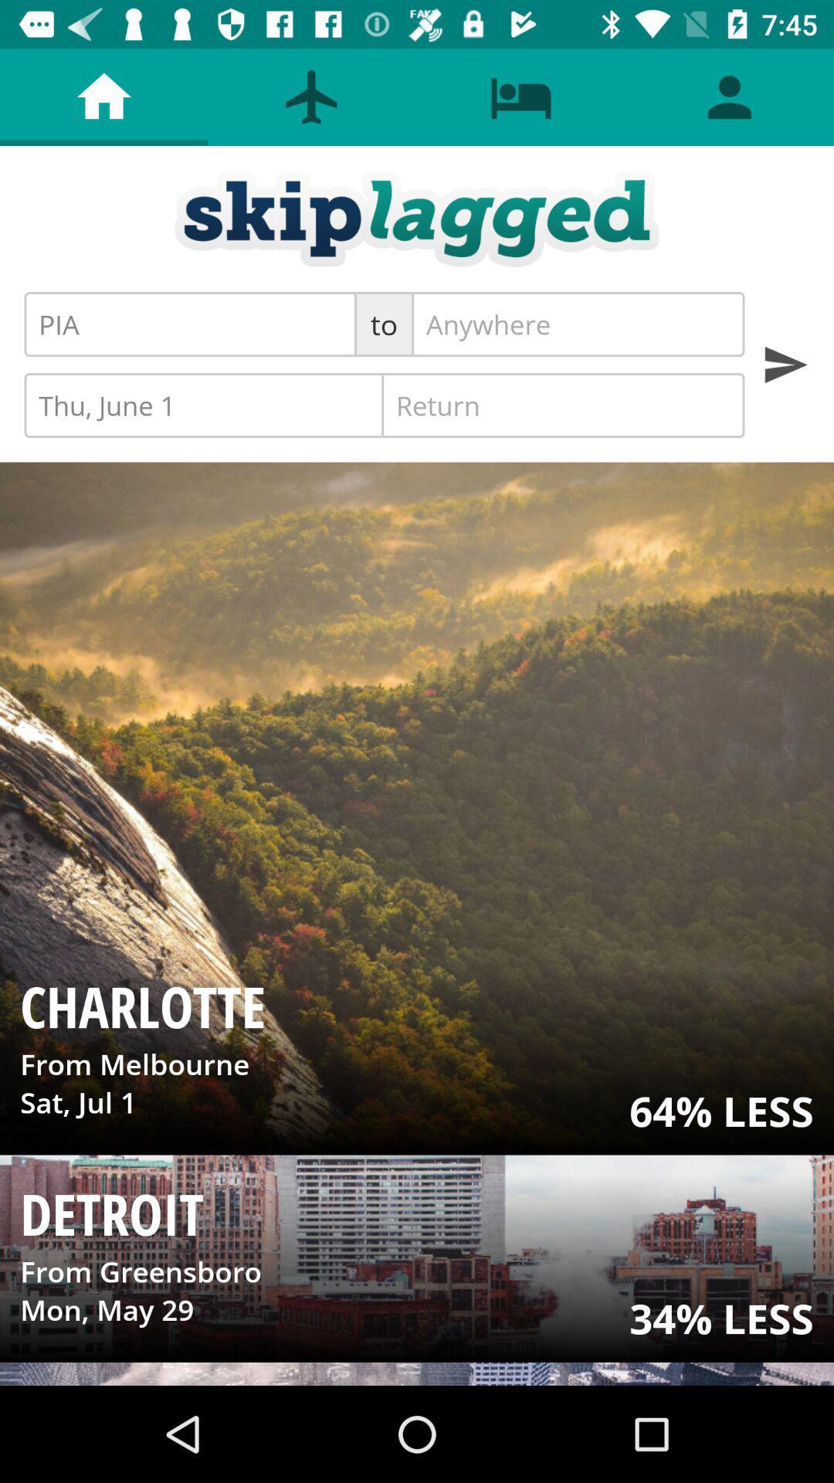  Describe the element at coordinates (578, 324) in the screenshot. I see `location` at that location.